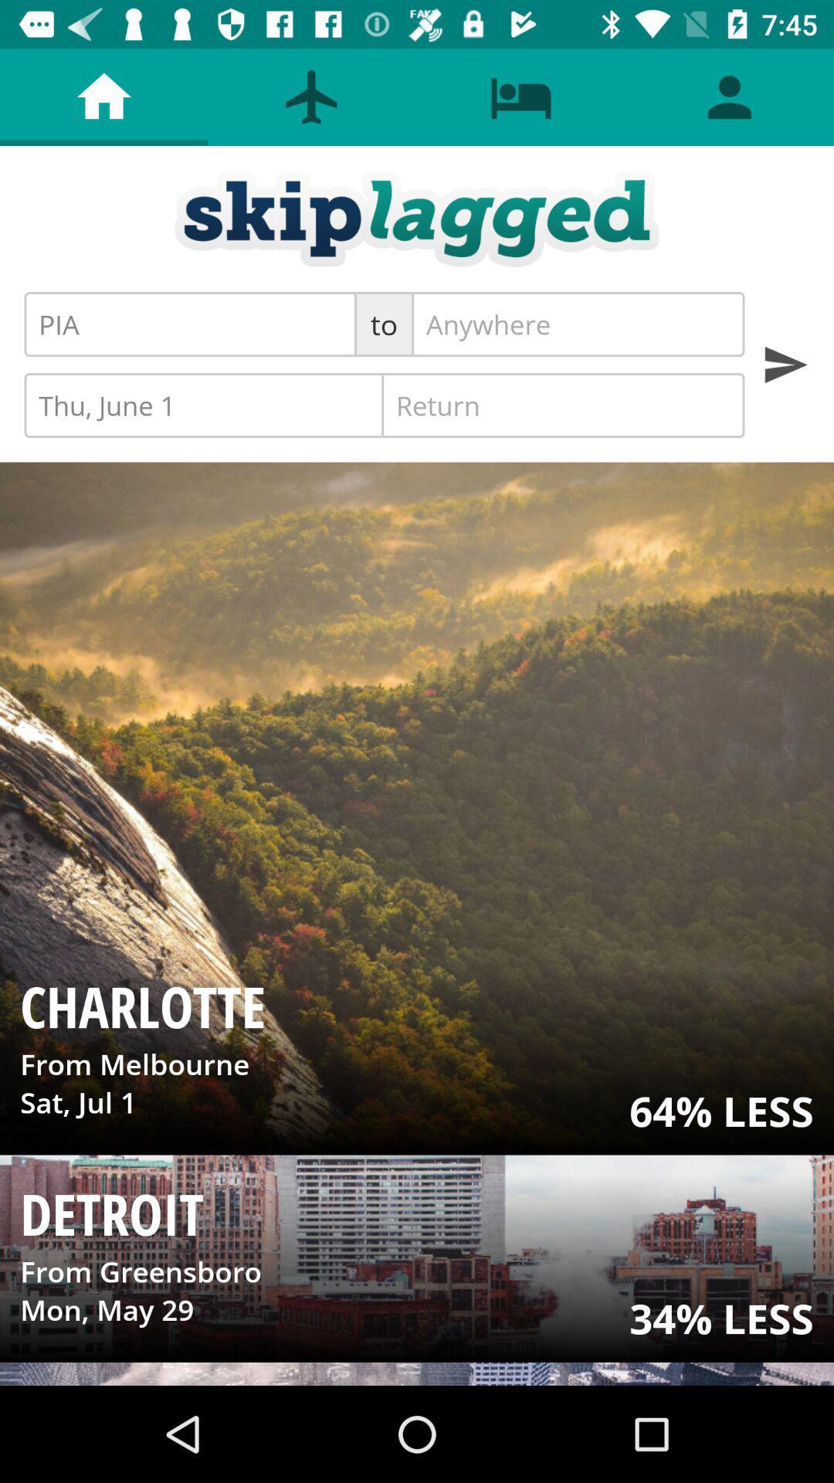  Describe the element at coordinates (578, 324) in the screenshot. I see `location` at that location.